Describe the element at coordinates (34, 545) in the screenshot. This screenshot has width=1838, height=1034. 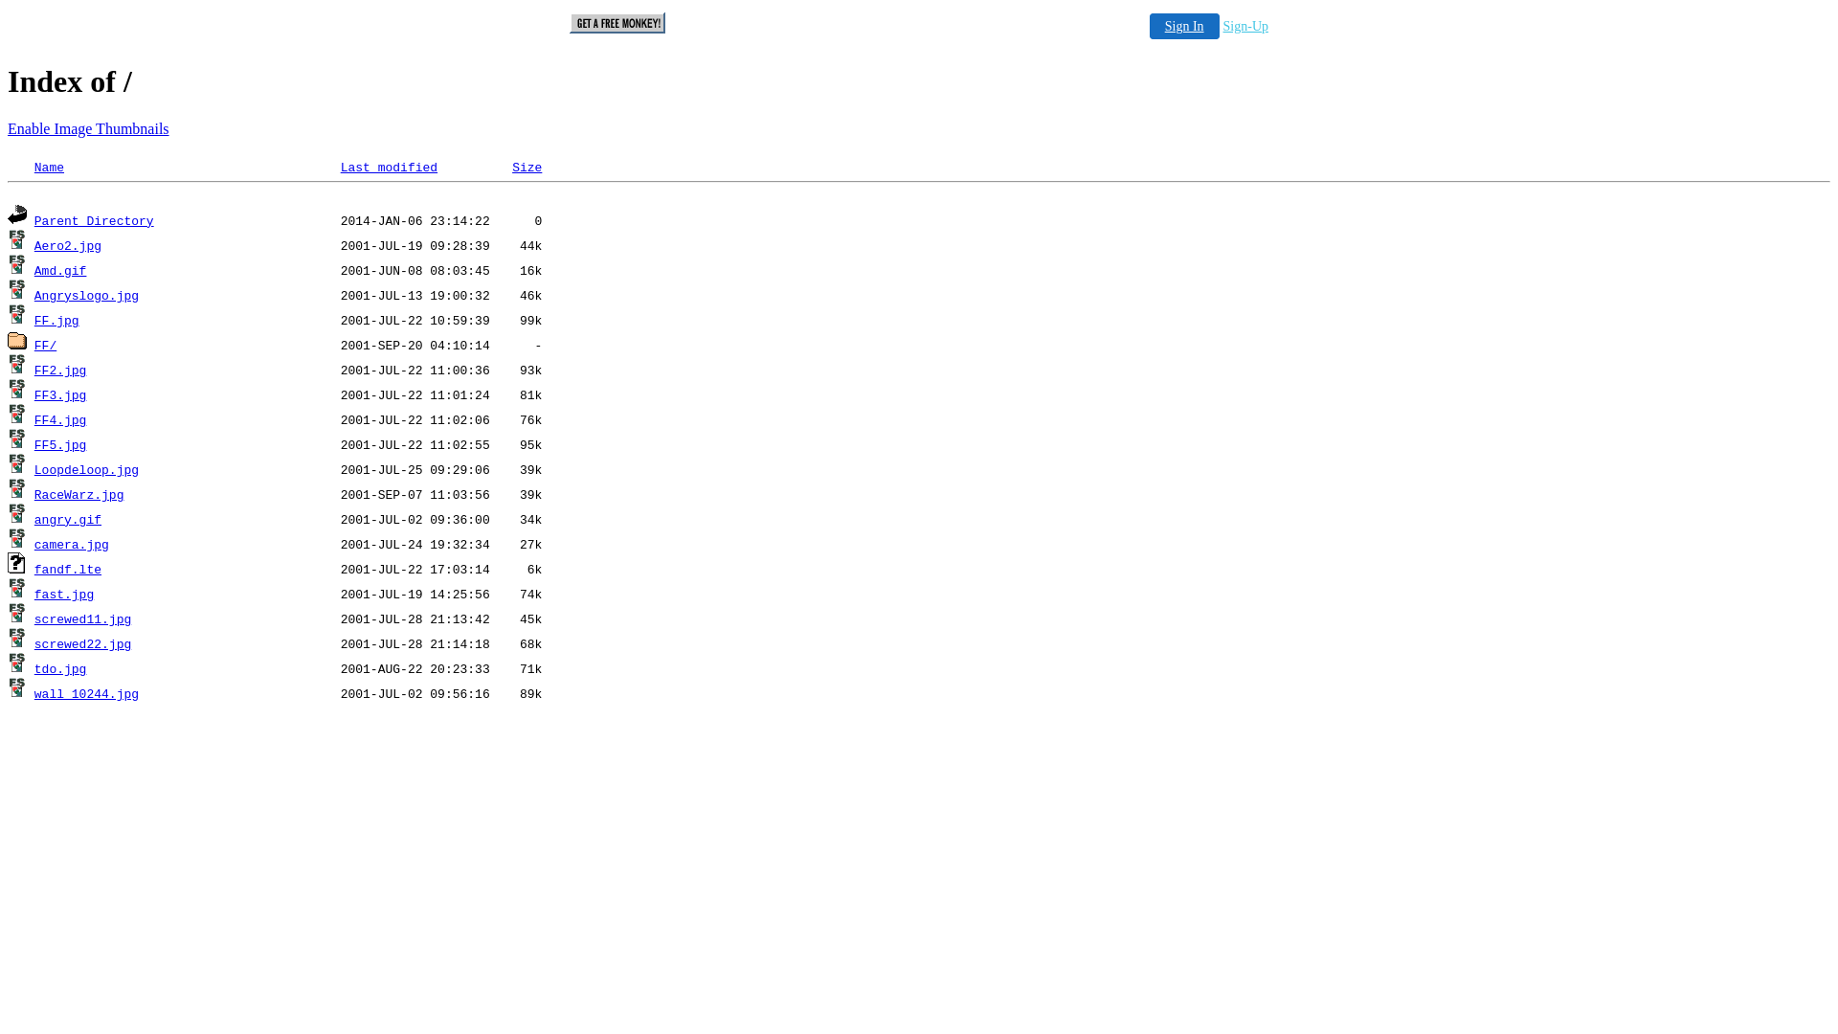
I see `'camera.jpg'` at that location.